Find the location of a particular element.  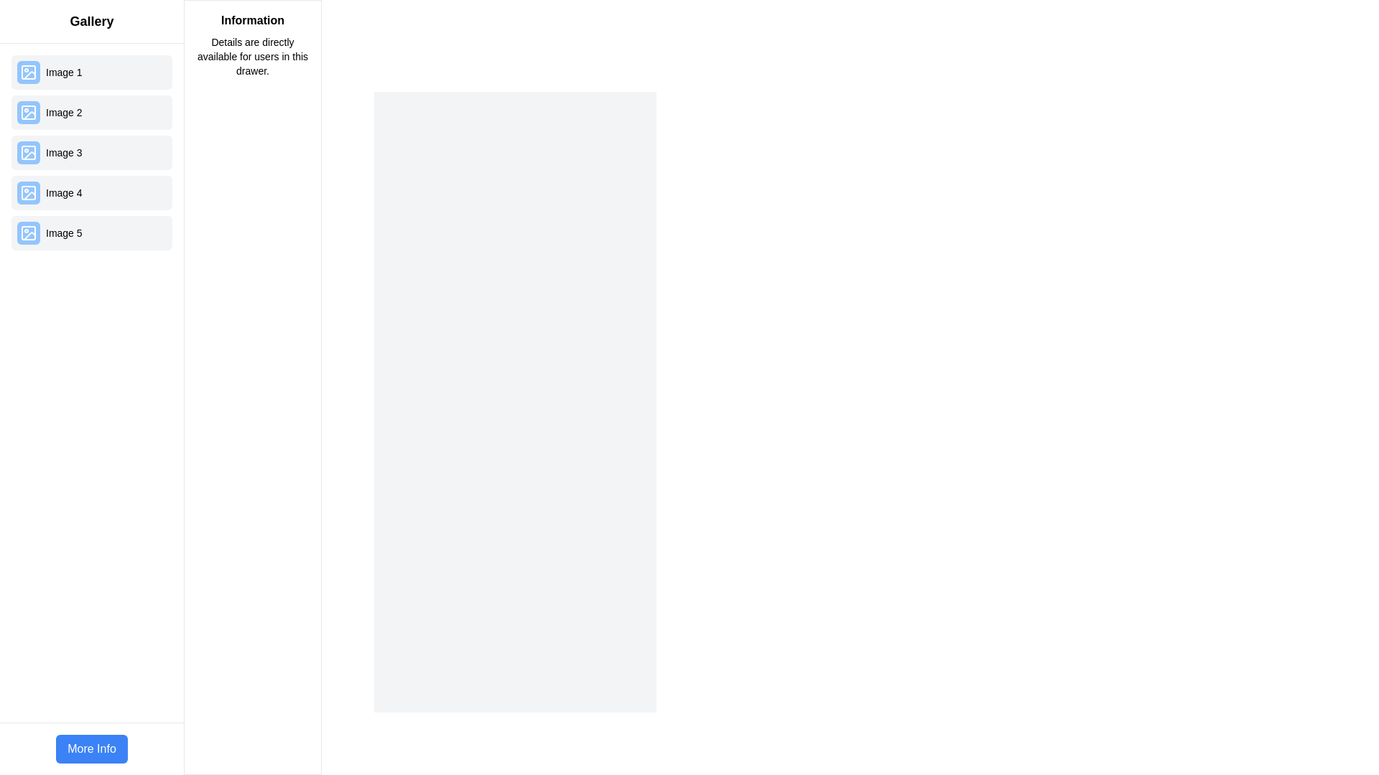

the image icon, which is the third item from the top in the vertical list of icons in the 'Gallery' section is located at coordinates (28, 152).